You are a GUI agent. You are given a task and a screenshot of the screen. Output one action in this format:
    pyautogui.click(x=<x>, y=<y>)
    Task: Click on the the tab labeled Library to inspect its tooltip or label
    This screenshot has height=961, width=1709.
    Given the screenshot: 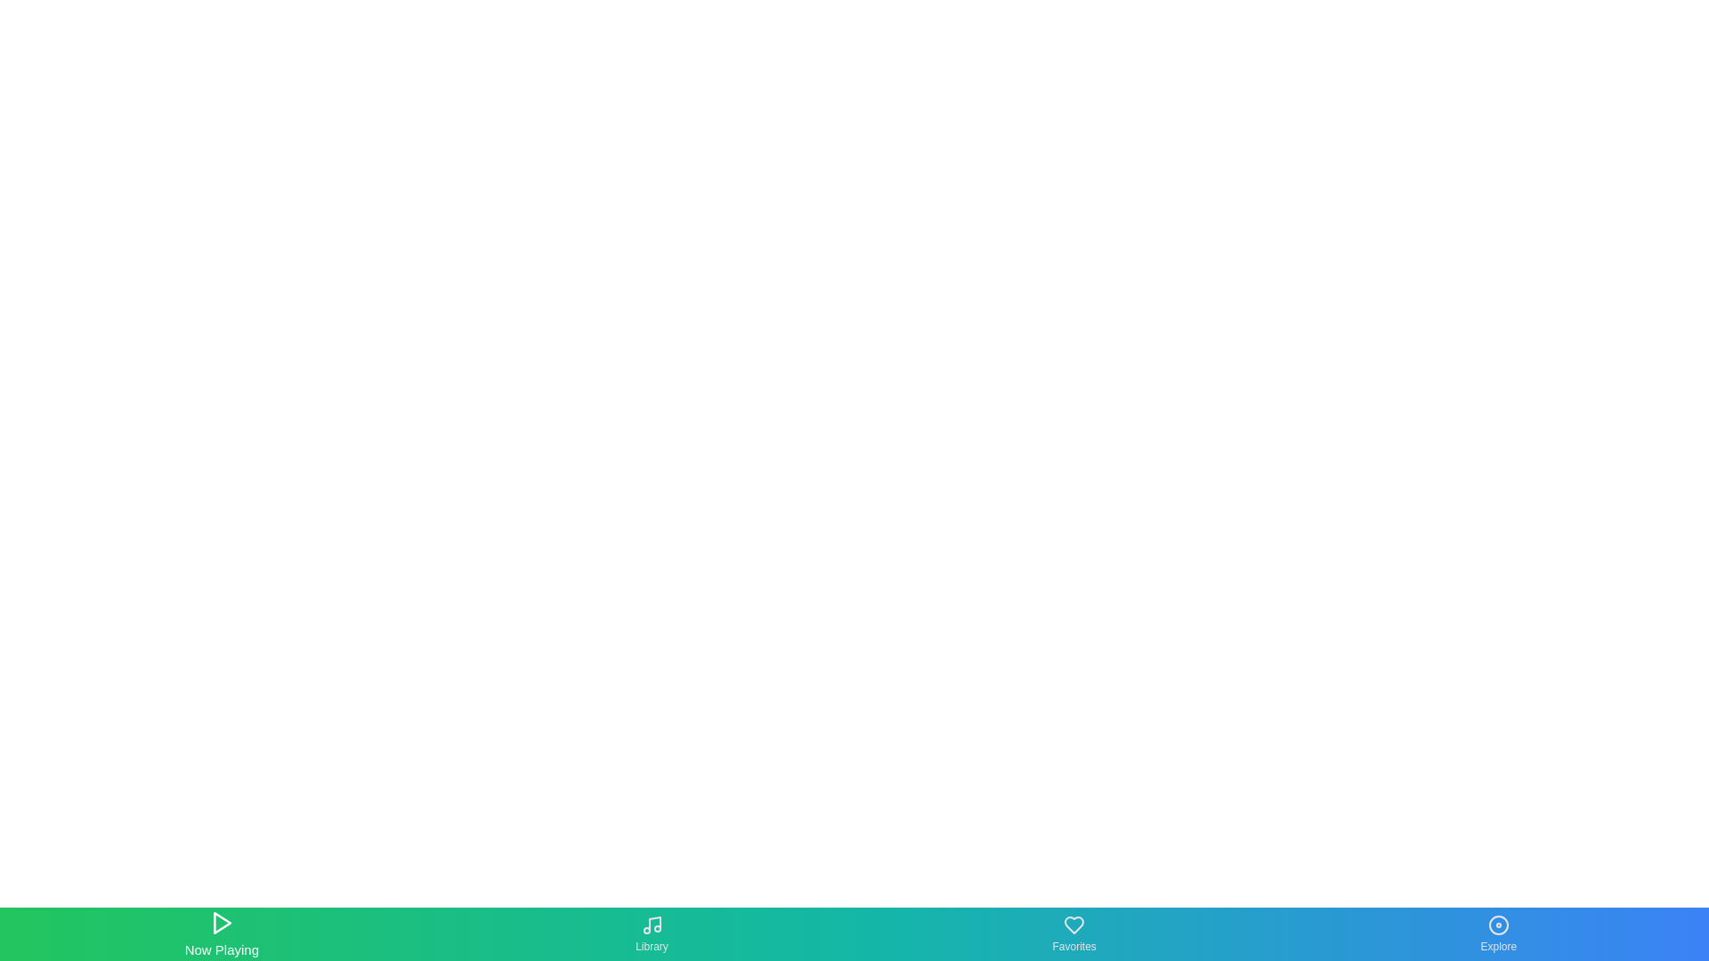 What is the action you would take?
    pyautogui.click(x=651, y=933)
    